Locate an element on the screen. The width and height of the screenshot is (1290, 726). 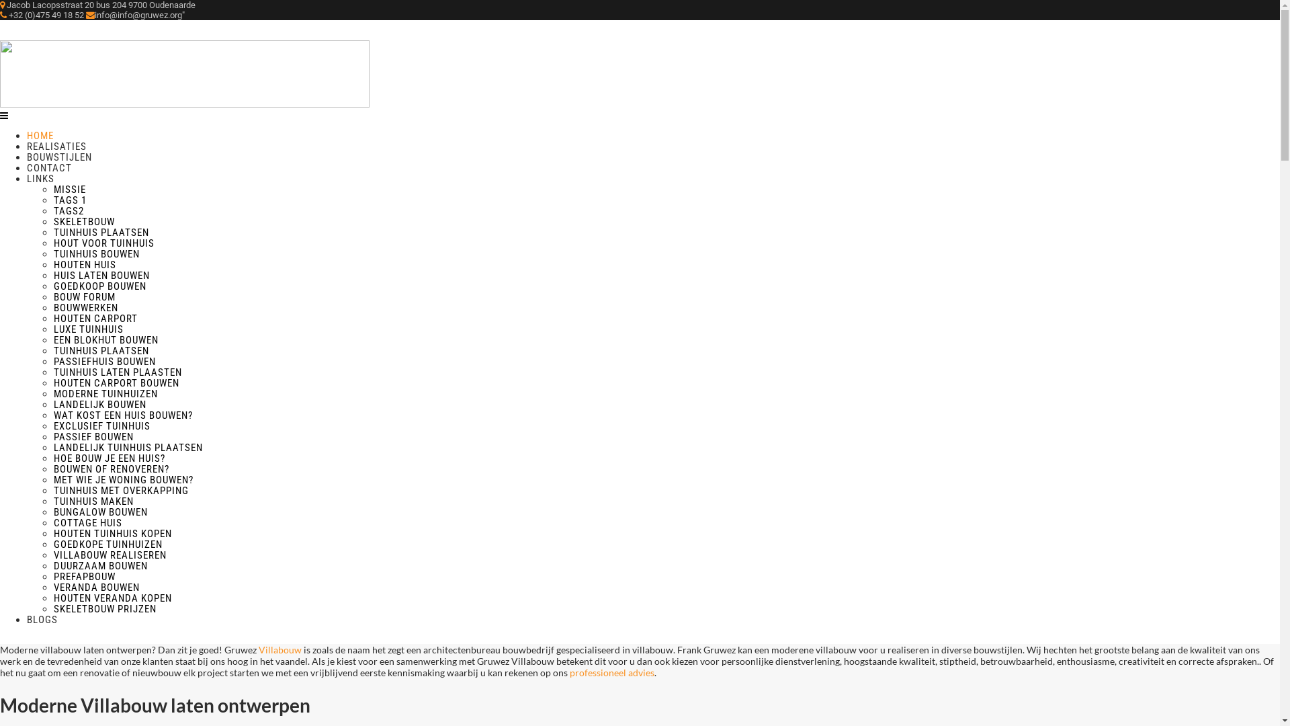
'SKELETBOUW' is located at coordinates (83, 221).